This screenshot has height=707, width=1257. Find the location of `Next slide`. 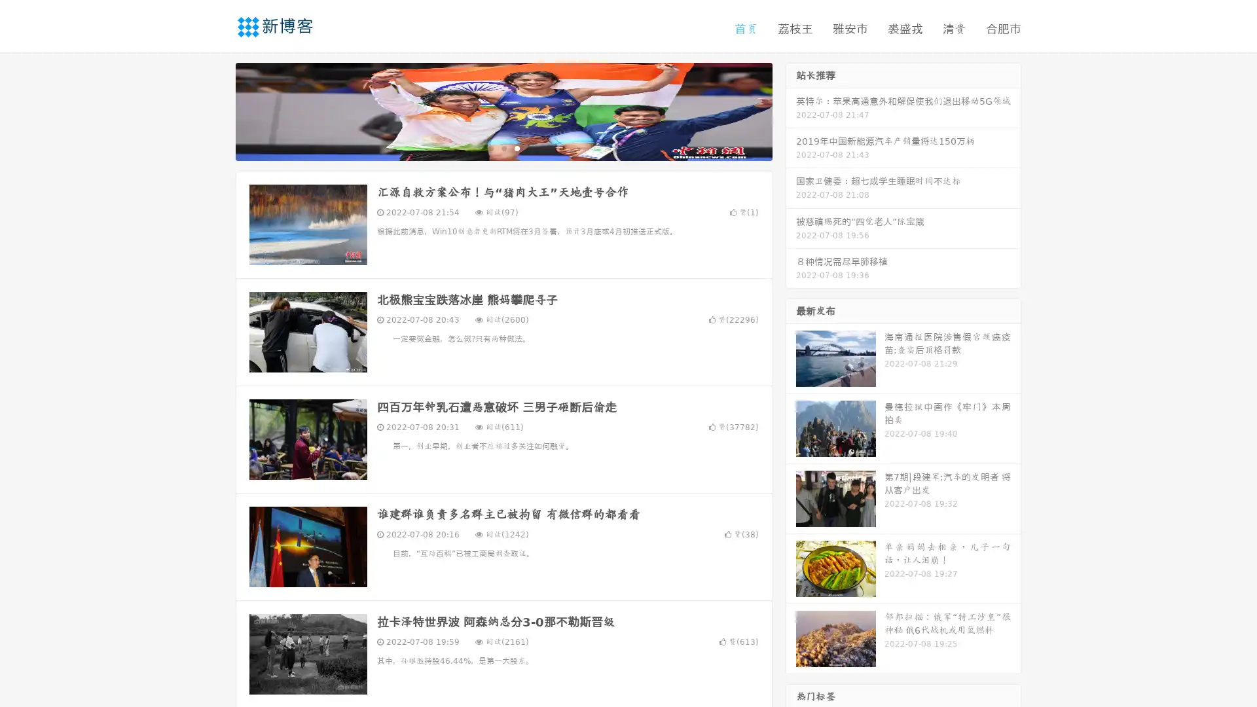

Next slide is located at coordinates (791, 110).